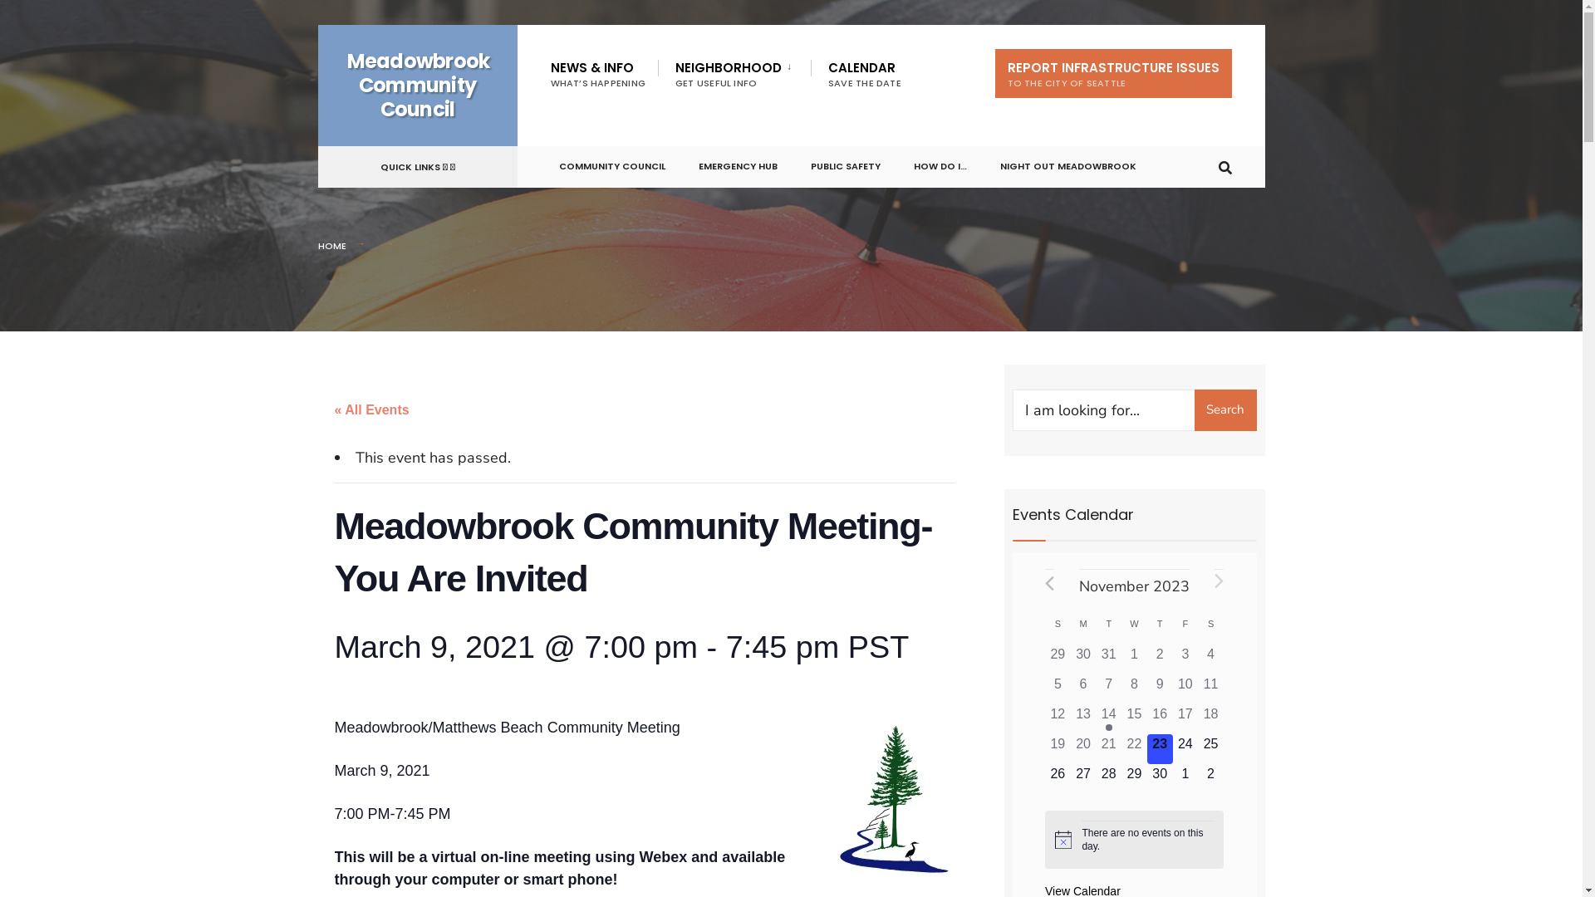 This screenshot has width=1595, height=897. What do you see at coordinates (1133, 718) in the screenshot?
I see `'0 events,` at bounding box center [1133, 718].